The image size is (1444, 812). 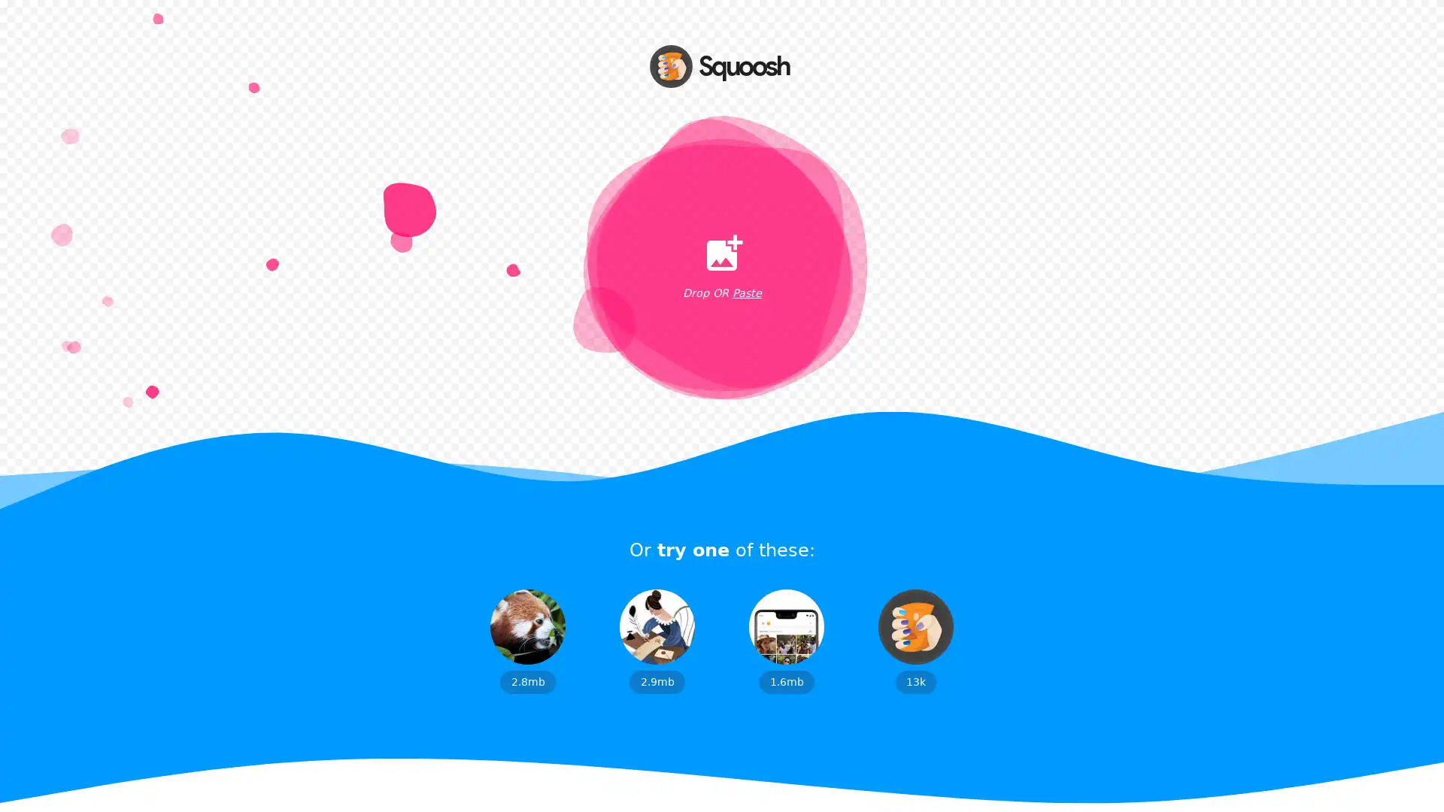 I want to click on Paste, so click(x=746, y=293).